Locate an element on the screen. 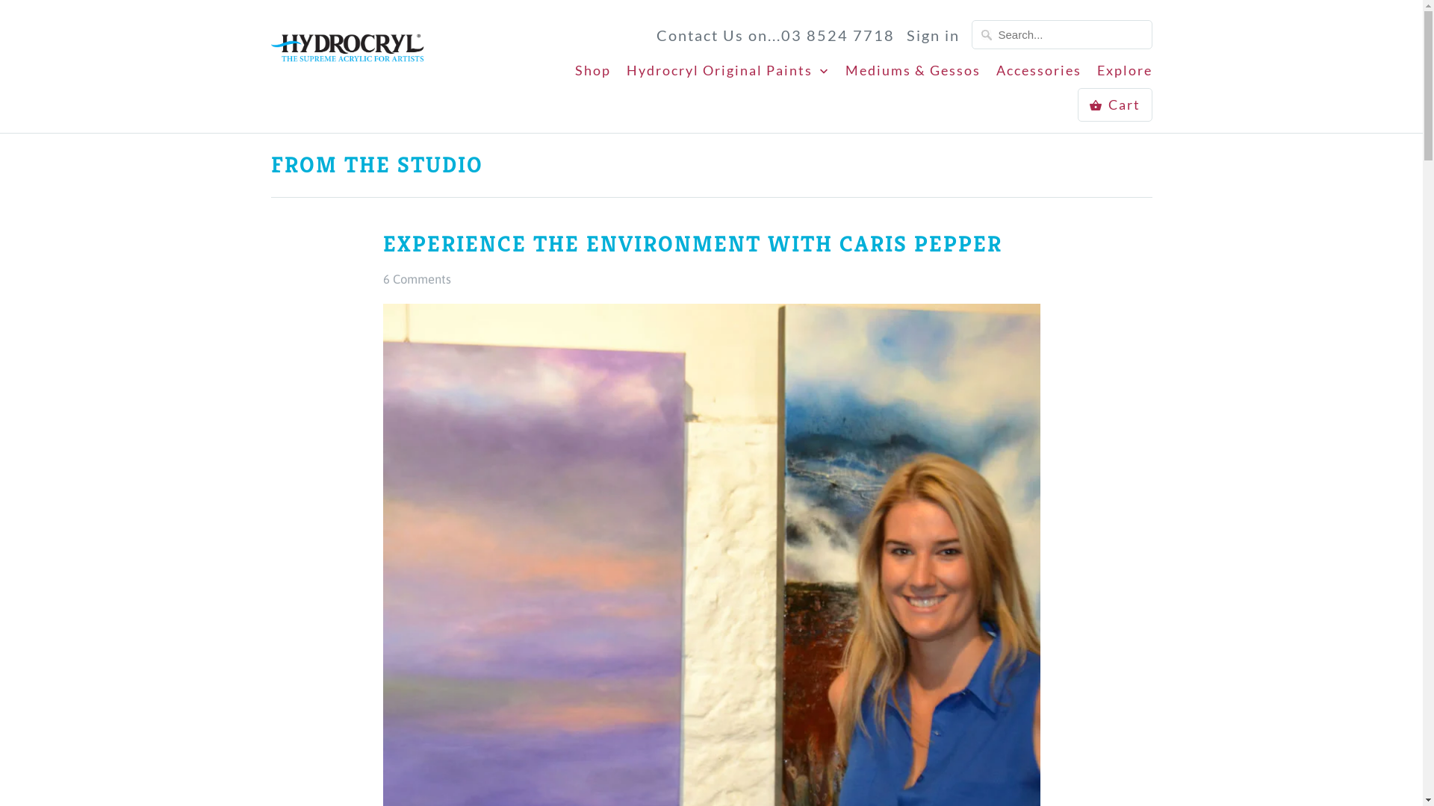 This screenshot has height=806, width=1434. 'Hydrocryl Australia Pty Ltd' is located at coordinates (346, 46).